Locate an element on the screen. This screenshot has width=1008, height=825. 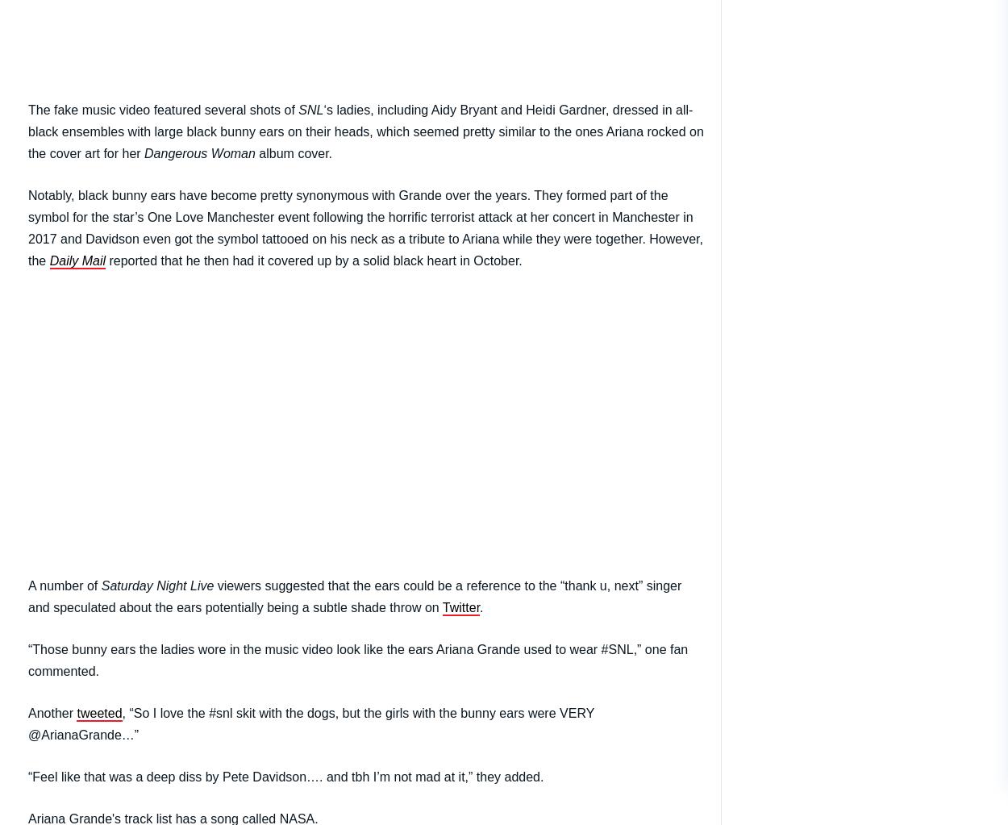
'Notably, black bunny ears have become pretty synonymous with Grande over the years. They formed part of the symbol for the star’s One Love Manchester event following the horrific terrorist attack at her concert in Manchester in 2017 and Davidson even got the symbol tattooed on his neck as a tribute to Ariana while they were together. However, the' is located at coordinates (364, 227).